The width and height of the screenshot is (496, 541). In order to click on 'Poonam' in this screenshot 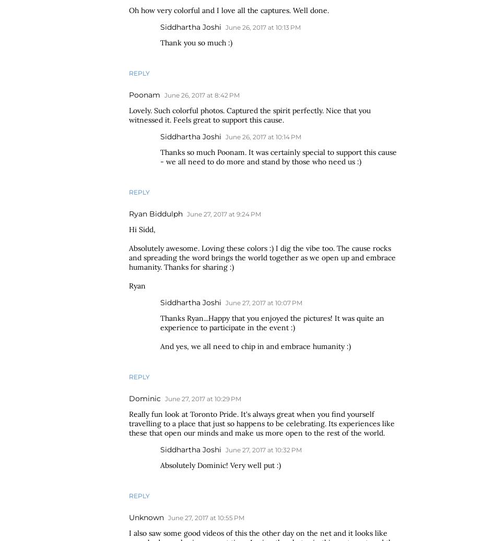, I will do `click(128, 94)`.